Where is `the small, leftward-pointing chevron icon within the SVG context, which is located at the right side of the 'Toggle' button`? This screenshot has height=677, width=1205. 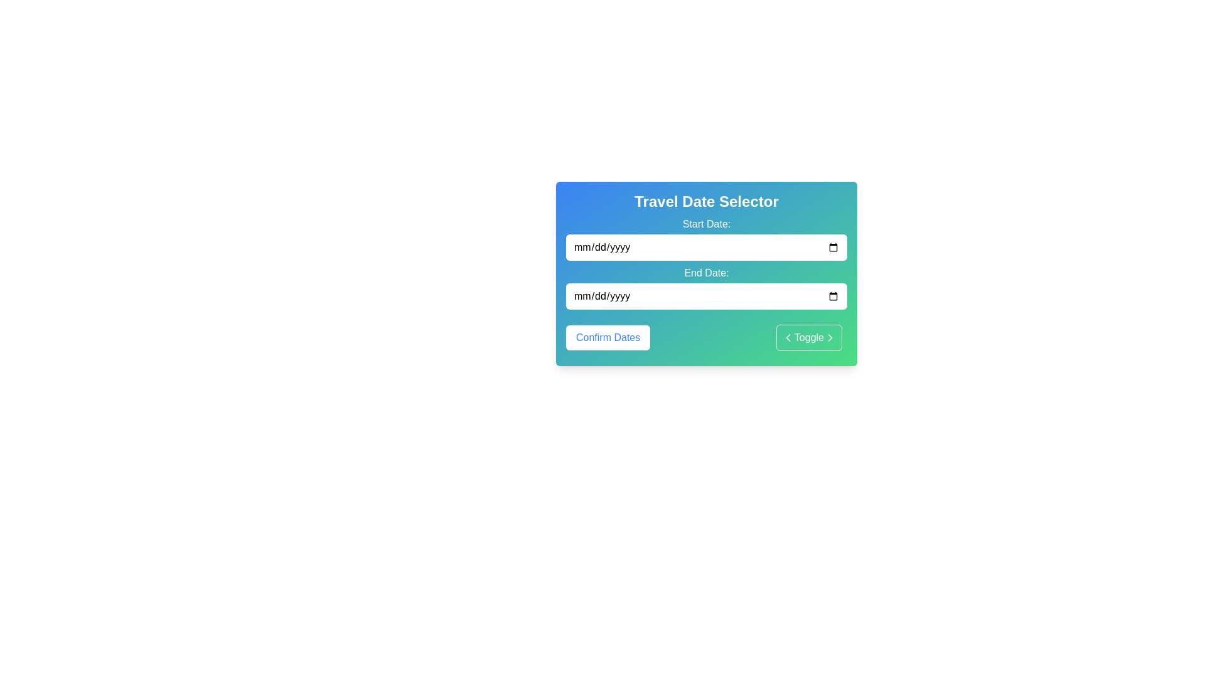 the small, leftward-pointing chevron icon within the SVG context, which is located at the right side of the 'Toggle' button is located at coordinates (787, 337).